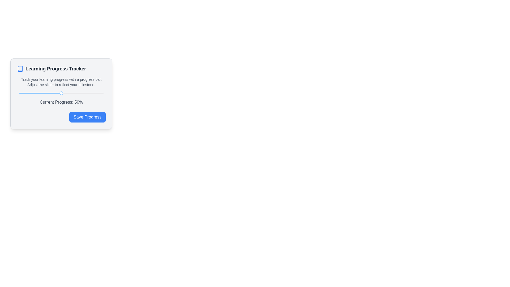  I want to click on the slider value, so click(92, 93).